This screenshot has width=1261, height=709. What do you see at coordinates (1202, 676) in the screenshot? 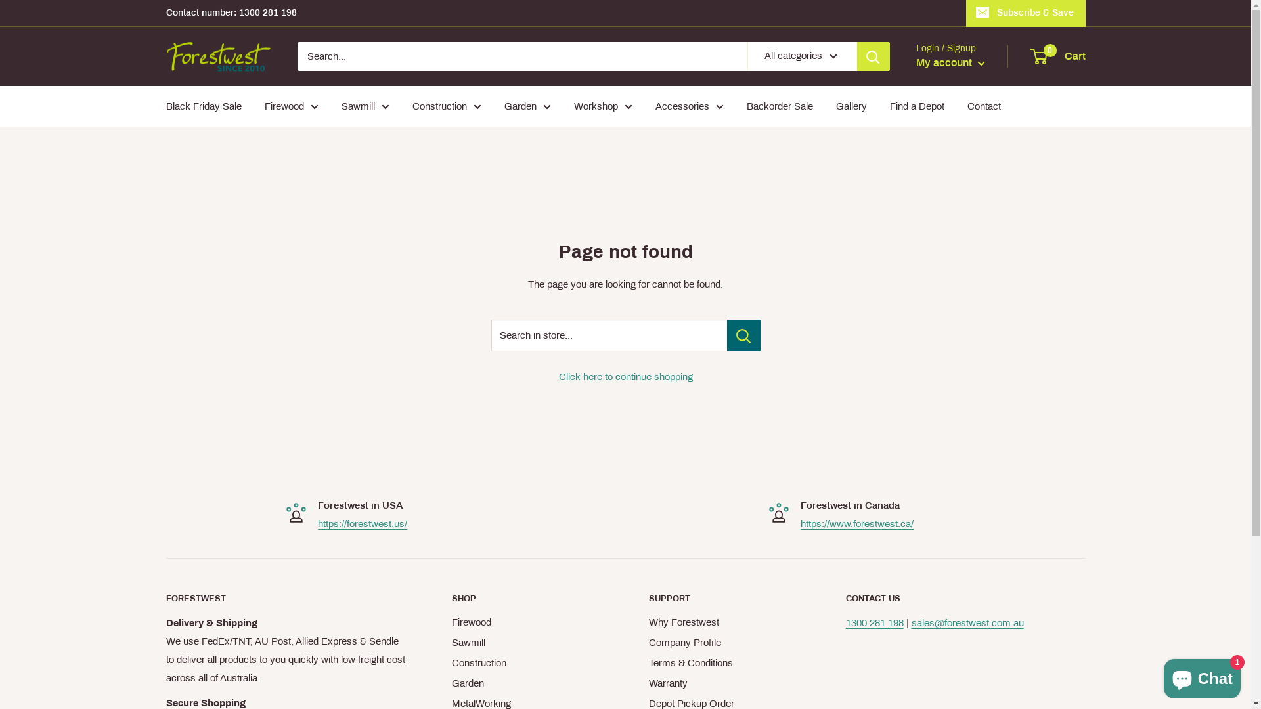
I see `'Shopify online store chat'` at bounding box center [1202, 676].